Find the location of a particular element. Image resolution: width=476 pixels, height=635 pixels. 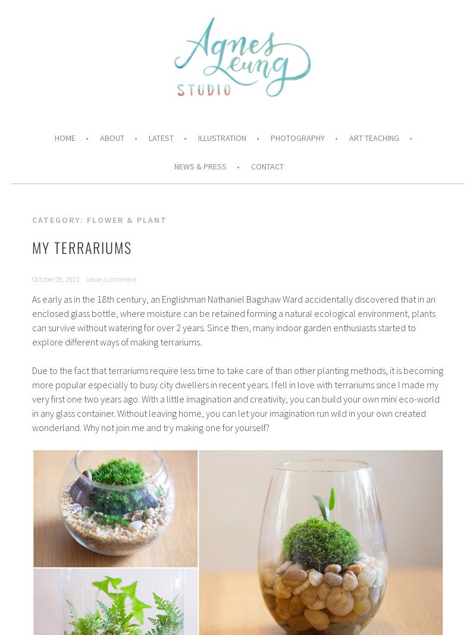

'Category:' is located at coordinates (59, 219).